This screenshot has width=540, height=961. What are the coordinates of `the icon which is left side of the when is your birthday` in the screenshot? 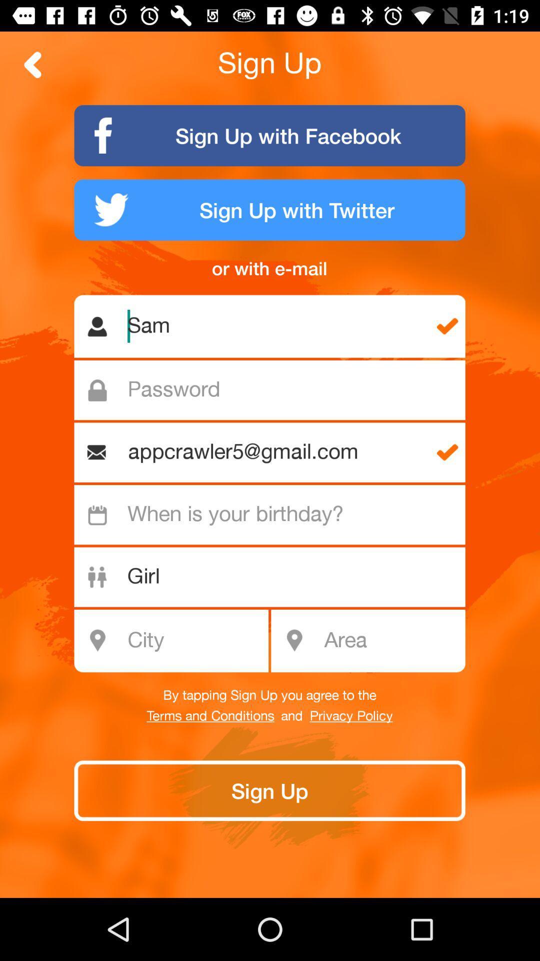 It's located at (97, 515).